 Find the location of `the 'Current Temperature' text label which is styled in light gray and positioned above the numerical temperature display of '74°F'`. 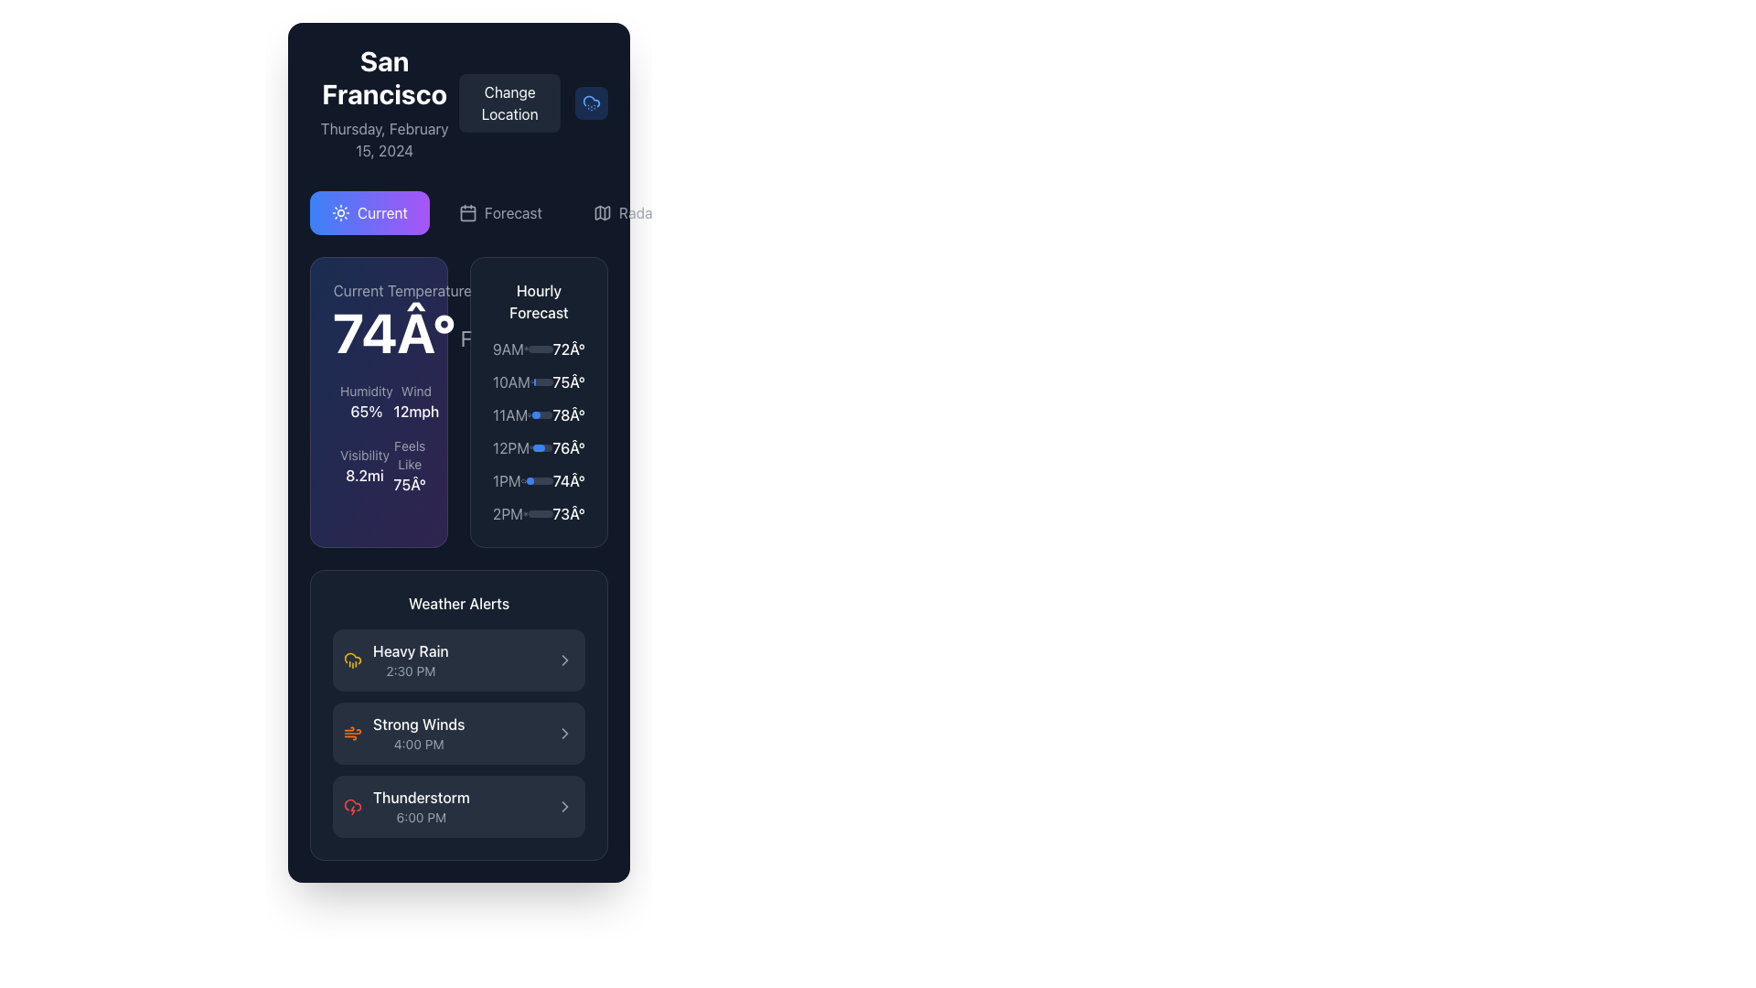

the 'Current Temperature' text label which is styled in light gray and positioned above the numerical temperature display of '74°F' is located at coordinates (402, 289).